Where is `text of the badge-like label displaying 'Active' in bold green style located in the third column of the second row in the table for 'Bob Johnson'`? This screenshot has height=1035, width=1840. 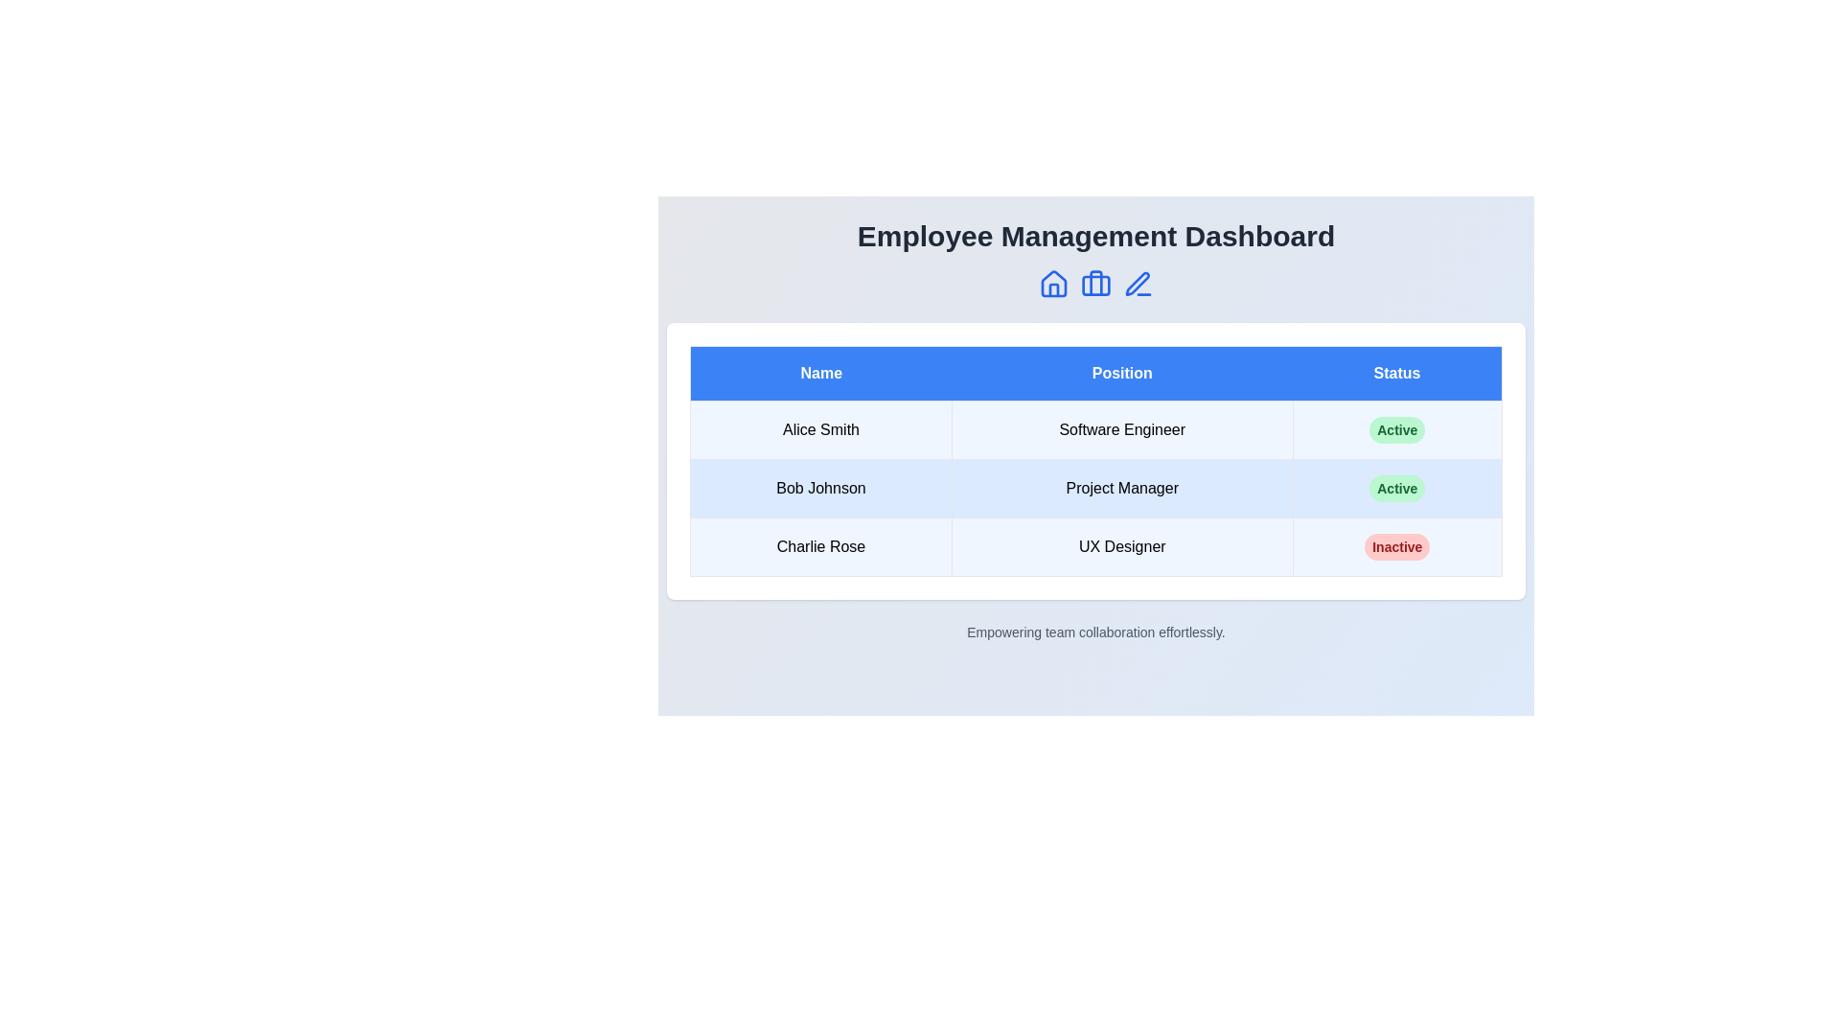
text of the badge-like label displaying 'Active' in bold green style located in the third column of the second row in the table for 'Bob Johnson' is located at coordinates (1397, 487).